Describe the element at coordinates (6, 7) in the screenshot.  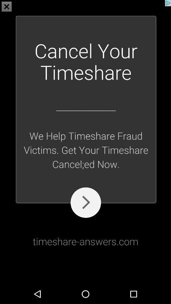
I see `the close icon` at that location.